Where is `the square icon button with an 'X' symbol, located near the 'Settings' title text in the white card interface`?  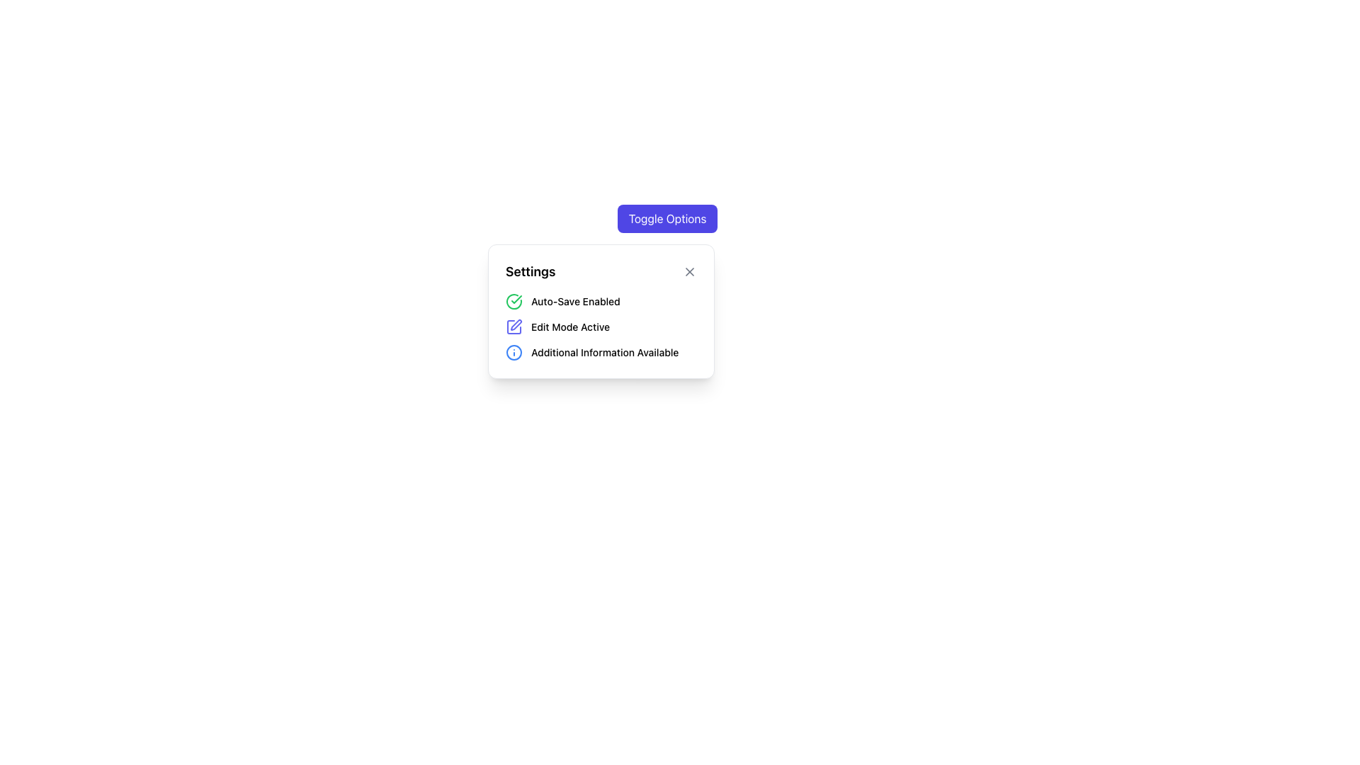
the square icon button with an 'X' symbol, located near the 'Settings' title text in the white card interface is located at coordinates (690, 272).